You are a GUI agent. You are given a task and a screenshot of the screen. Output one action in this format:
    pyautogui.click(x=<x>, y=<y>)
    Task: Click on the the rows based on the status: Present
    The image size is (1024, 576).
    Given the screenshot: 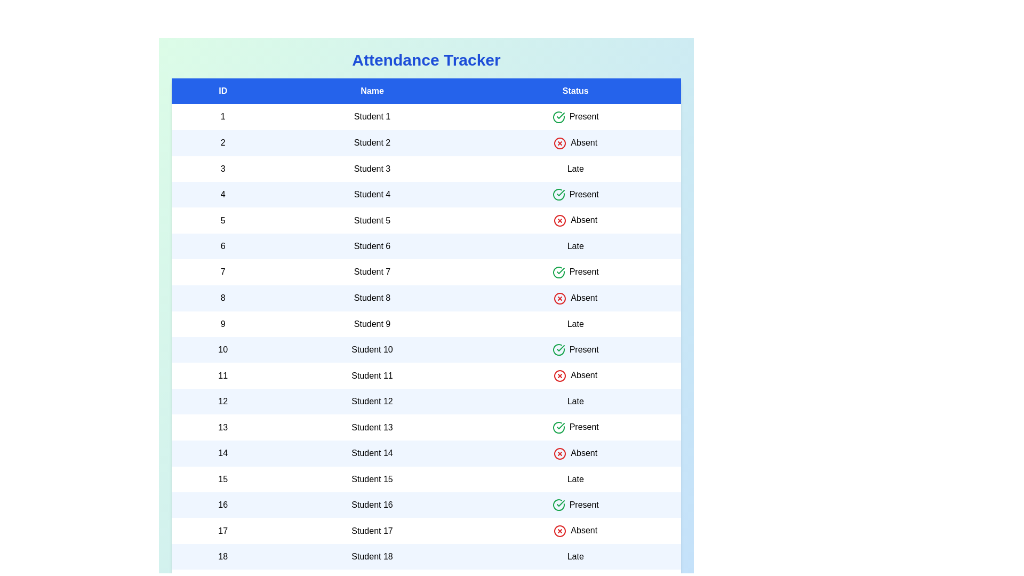 What is the action you would take?
    pyautogui.click(x=557, y=117)
    